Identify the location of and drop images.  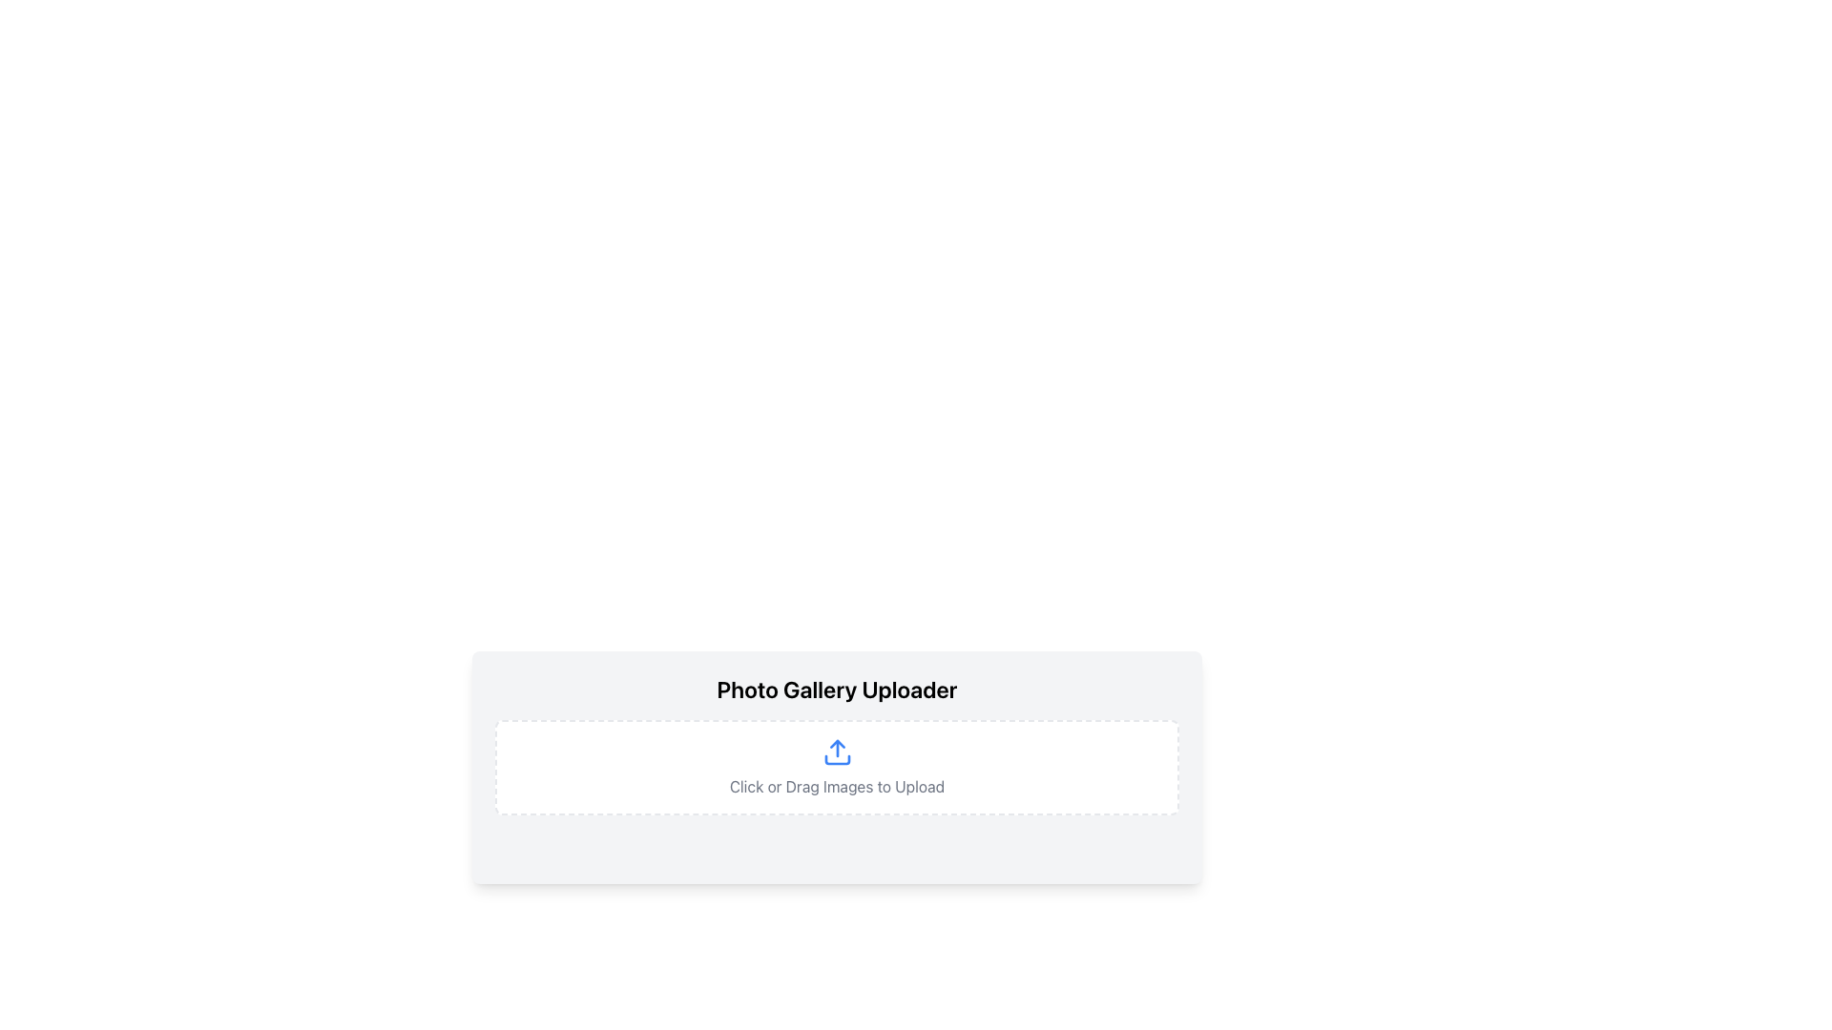
(837, 767).